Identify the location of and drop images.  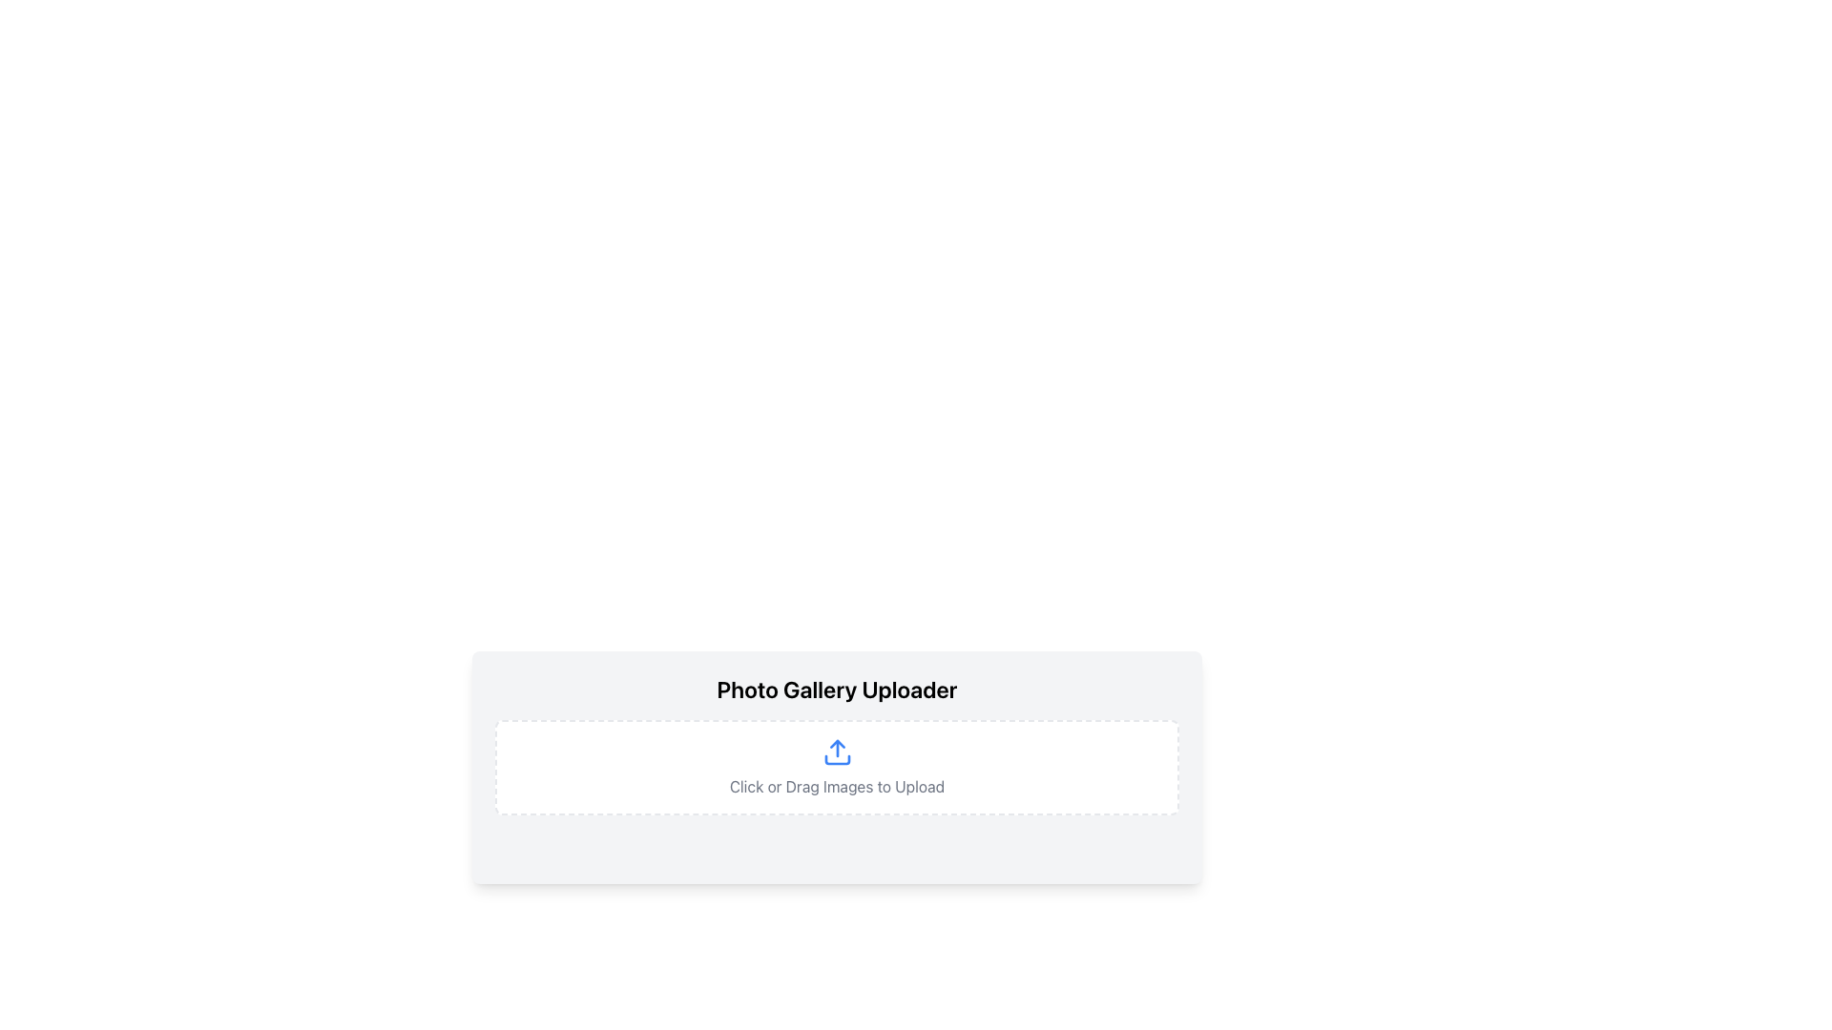
(837, 767).